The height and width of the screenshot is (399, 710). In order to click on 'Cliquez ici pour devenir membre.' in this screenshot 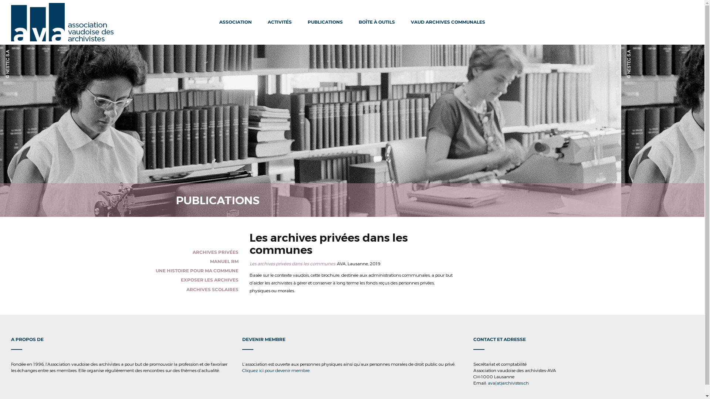, I will do `click(276, 370)`.